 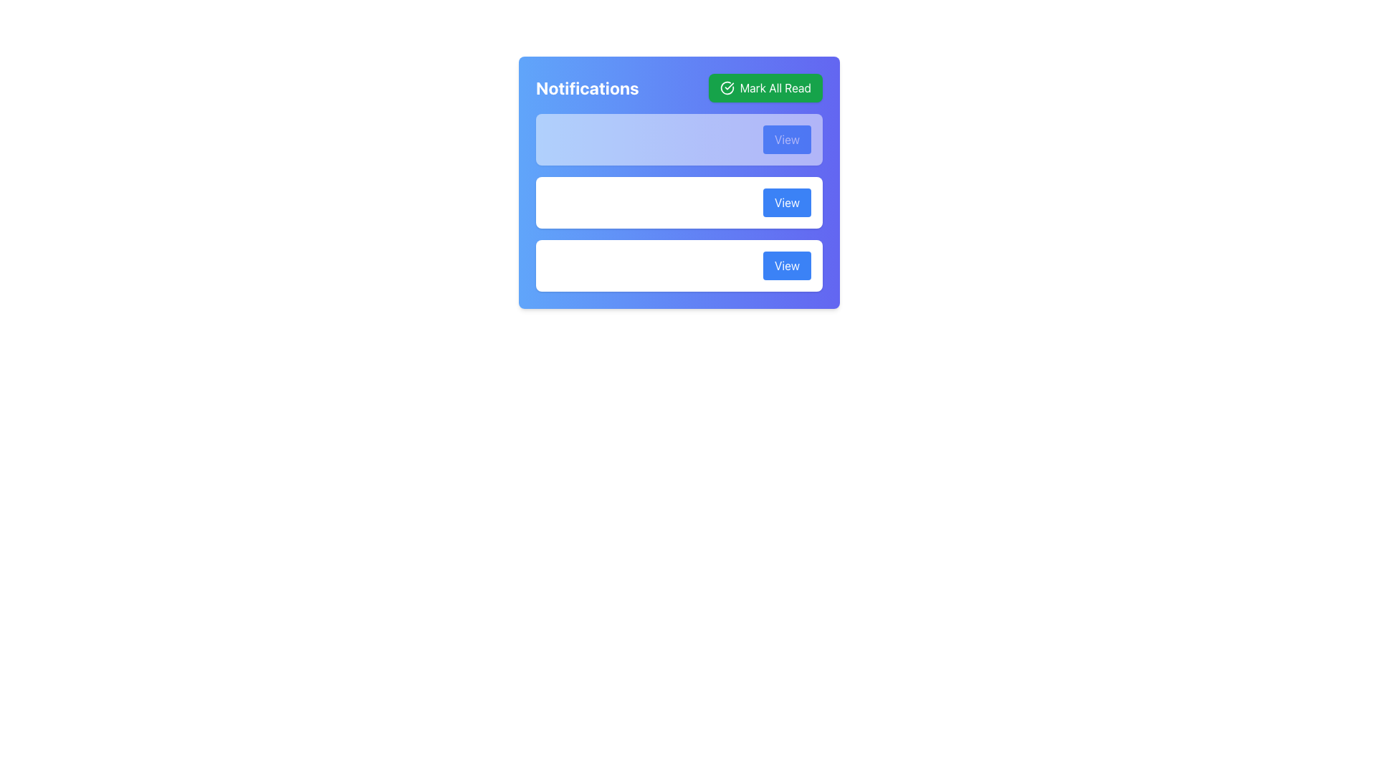 I want to click on the 'View' button with a blue background and white text, located at the top-right corner of the notification item labeled 'New message received', so click(x=786, y=140).